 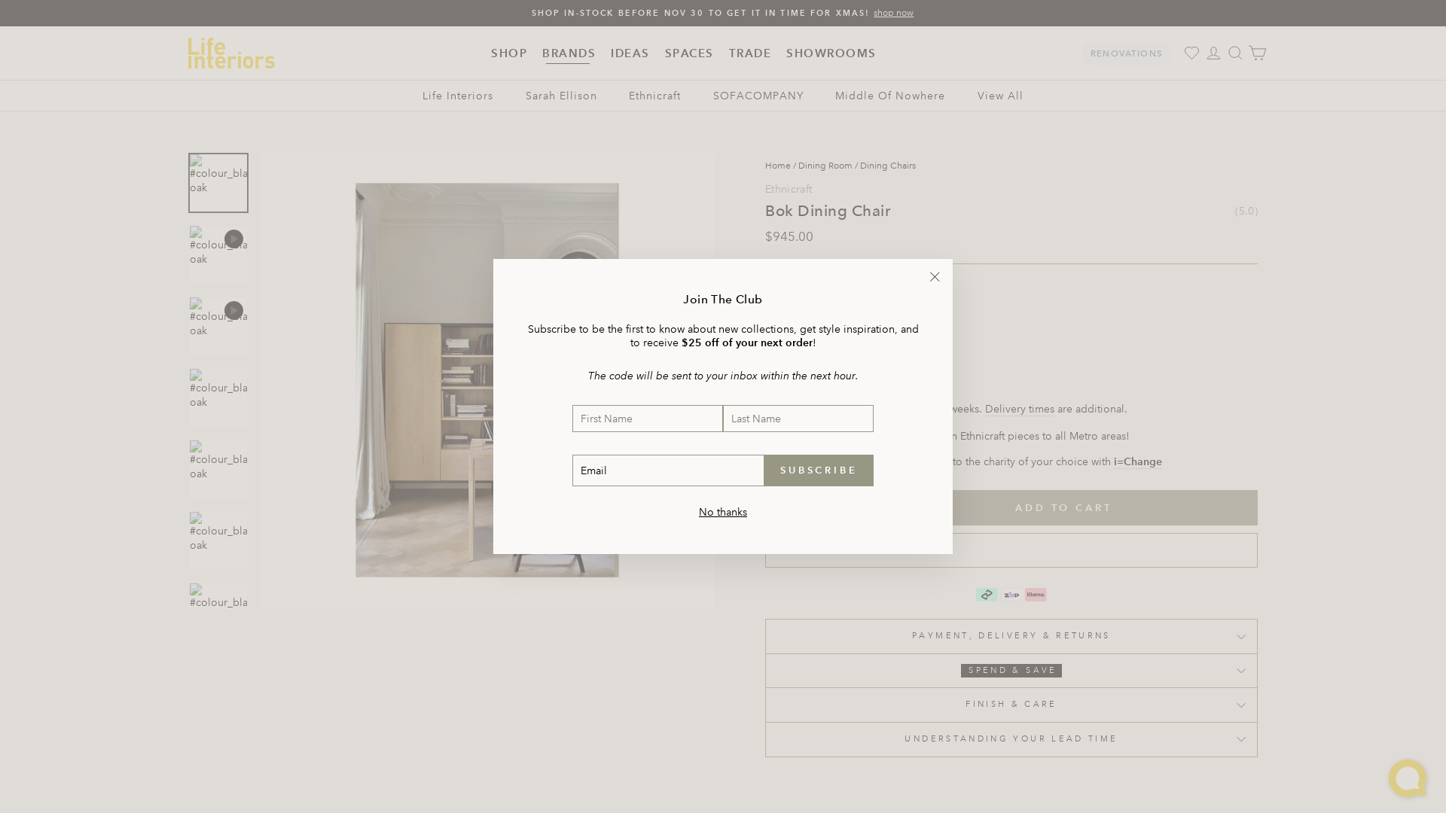 I want to click on 'BRANDS', so click(x=535, y=52).